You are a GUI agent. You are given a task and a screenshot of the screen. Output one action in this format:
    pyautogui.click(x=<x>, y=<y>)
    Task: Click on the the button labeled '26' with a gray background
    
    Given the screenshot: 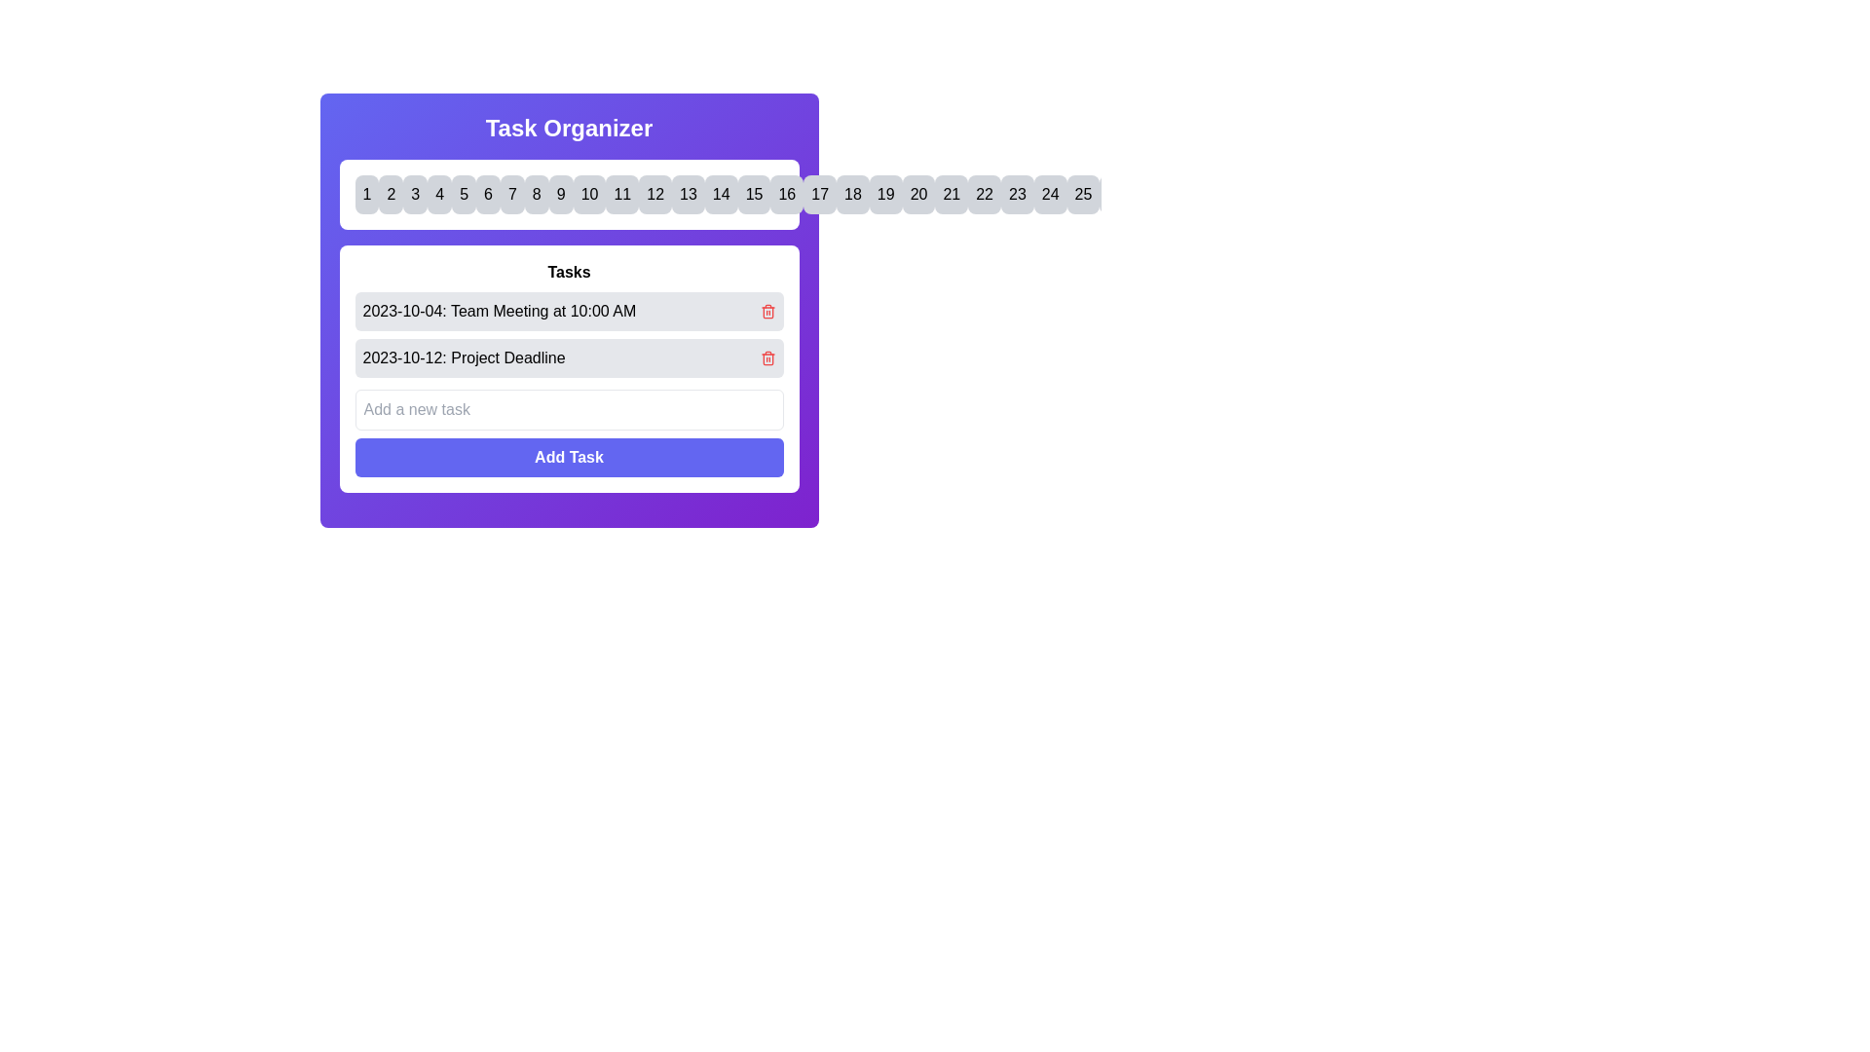 What is the action you would take?
    pyautogui.click(x=1116, y=195)
    